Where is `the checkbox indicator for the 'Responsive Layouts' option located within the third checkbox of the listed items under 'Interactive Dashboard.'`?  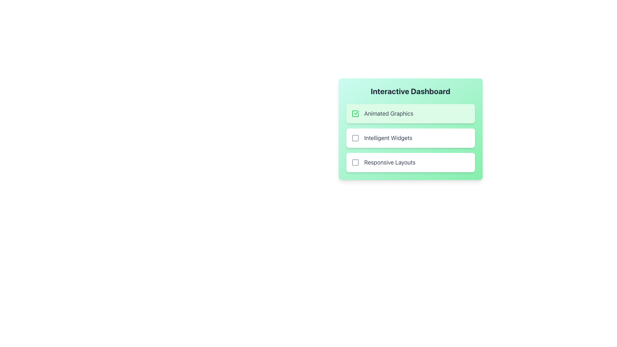 the checkbox indicator for the 'Responsive Layouts' option located within the third checkbox of the listed items under 'Interactive Dashboard.' is located at coordinates (355, 162).